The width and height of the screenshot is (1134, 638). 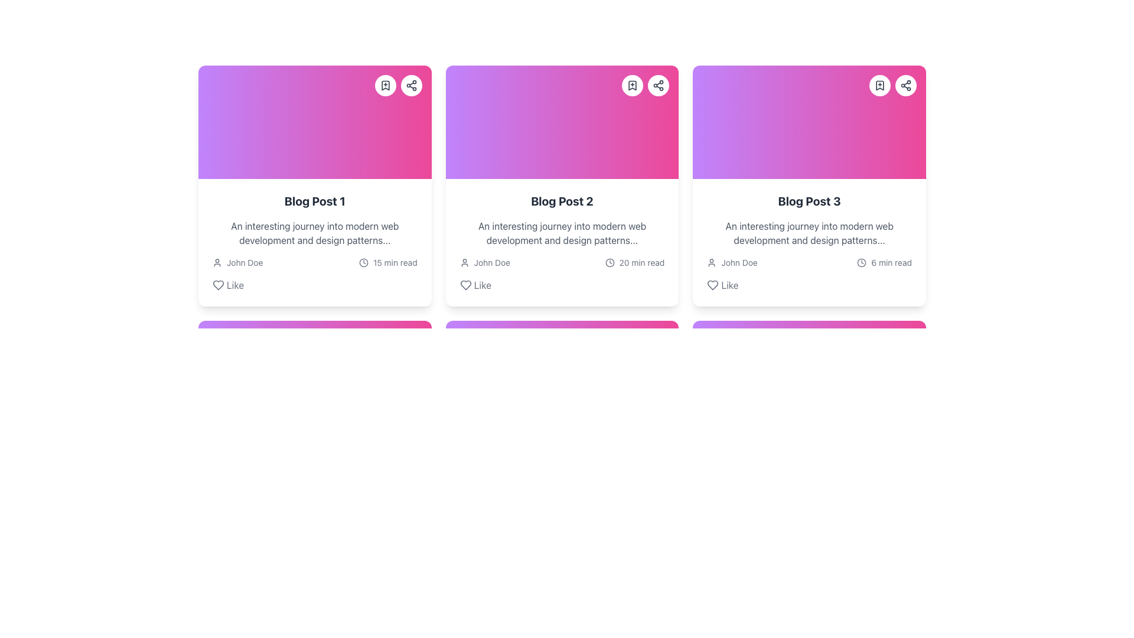 What do you see at coordinates (712, 285) in the screenshot?
I see `the heart-shaped icon button located to the left of the 'Like' text in the horizontally aligned group at the bottom of 'Blog Post 3'` at bounding box center [712, 285].